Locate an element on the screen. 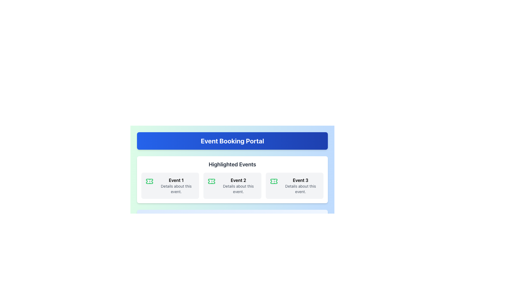 This screenshot has width=525, height=295. the text element providing information about 'Event 1' from the center of the first event card in the 'Highlighted Events' section is located at coordinates (176, 185).